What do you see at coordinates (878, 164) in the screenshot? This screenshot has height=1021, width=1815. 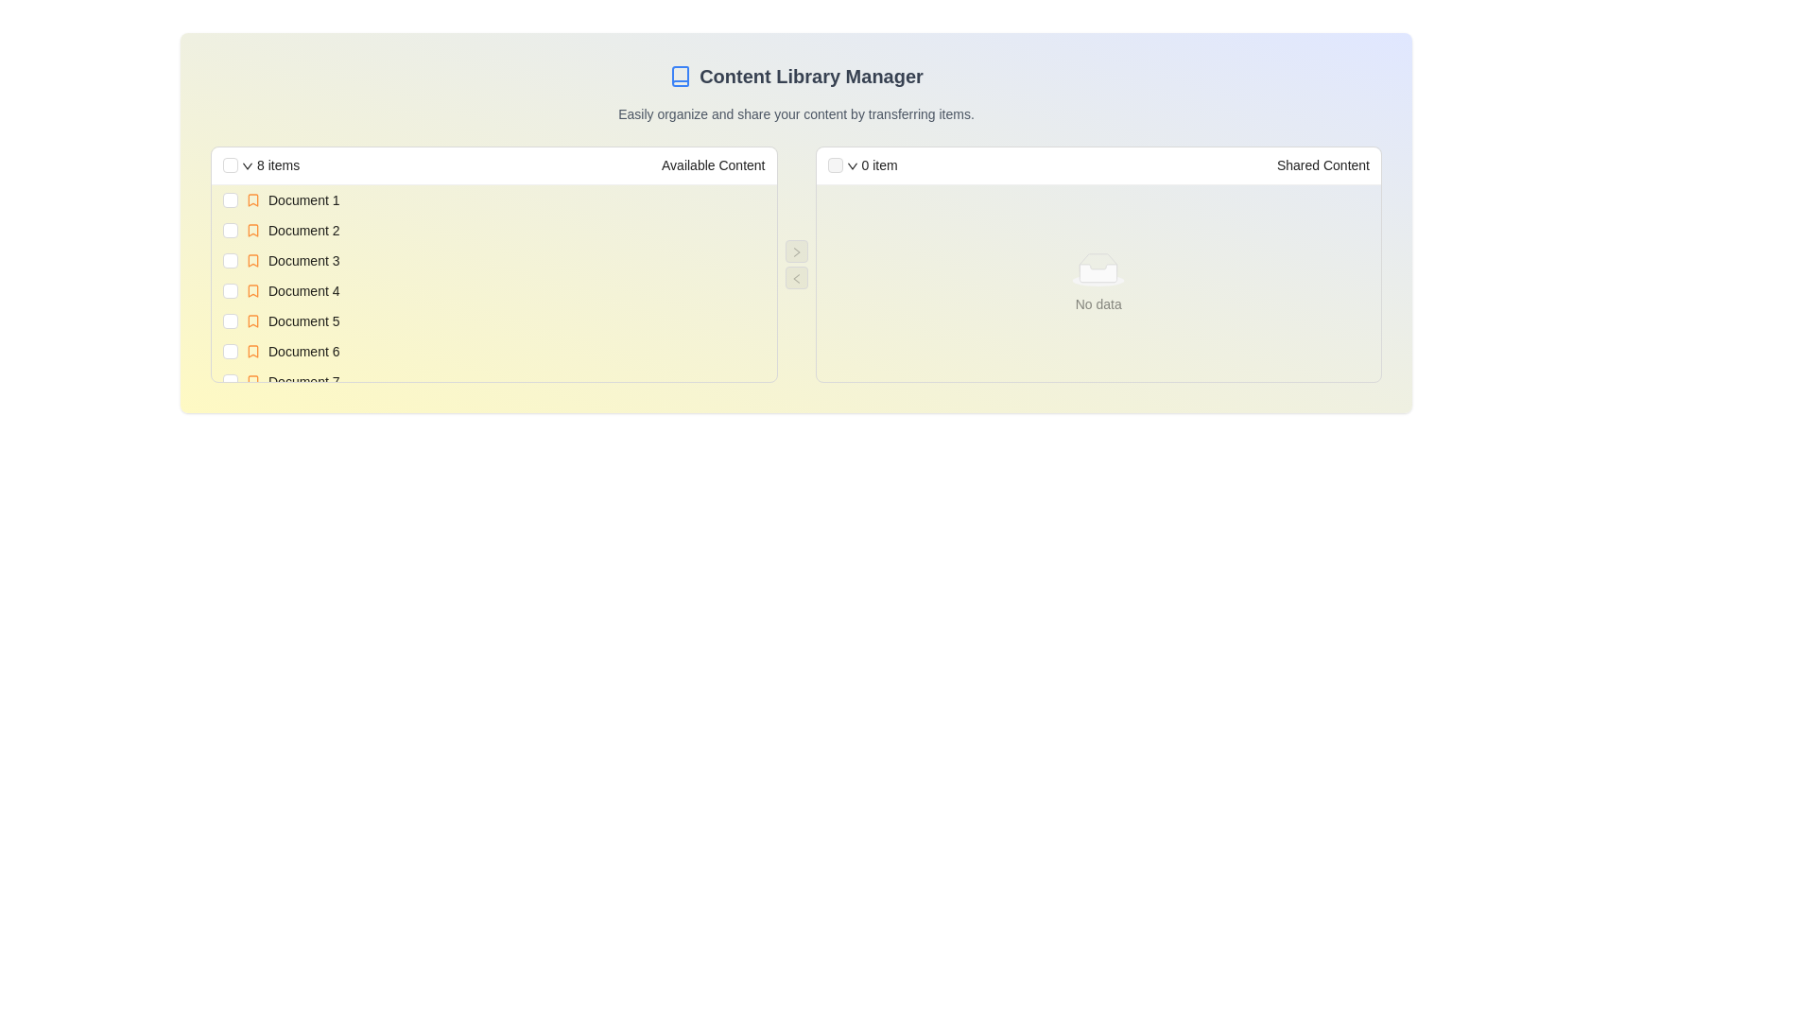 I see `the informational Text label indicating the count of items in the 'Shared Content' section, located in the header of the panel to the right of the dropdown icon and checkbox` at bounding box center [878, 164].